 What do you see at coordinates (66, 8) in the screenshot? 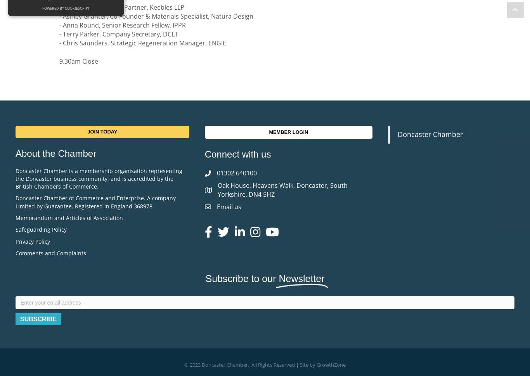
I see `'Powered by CookieScript'` at bounding box center [66, 8].